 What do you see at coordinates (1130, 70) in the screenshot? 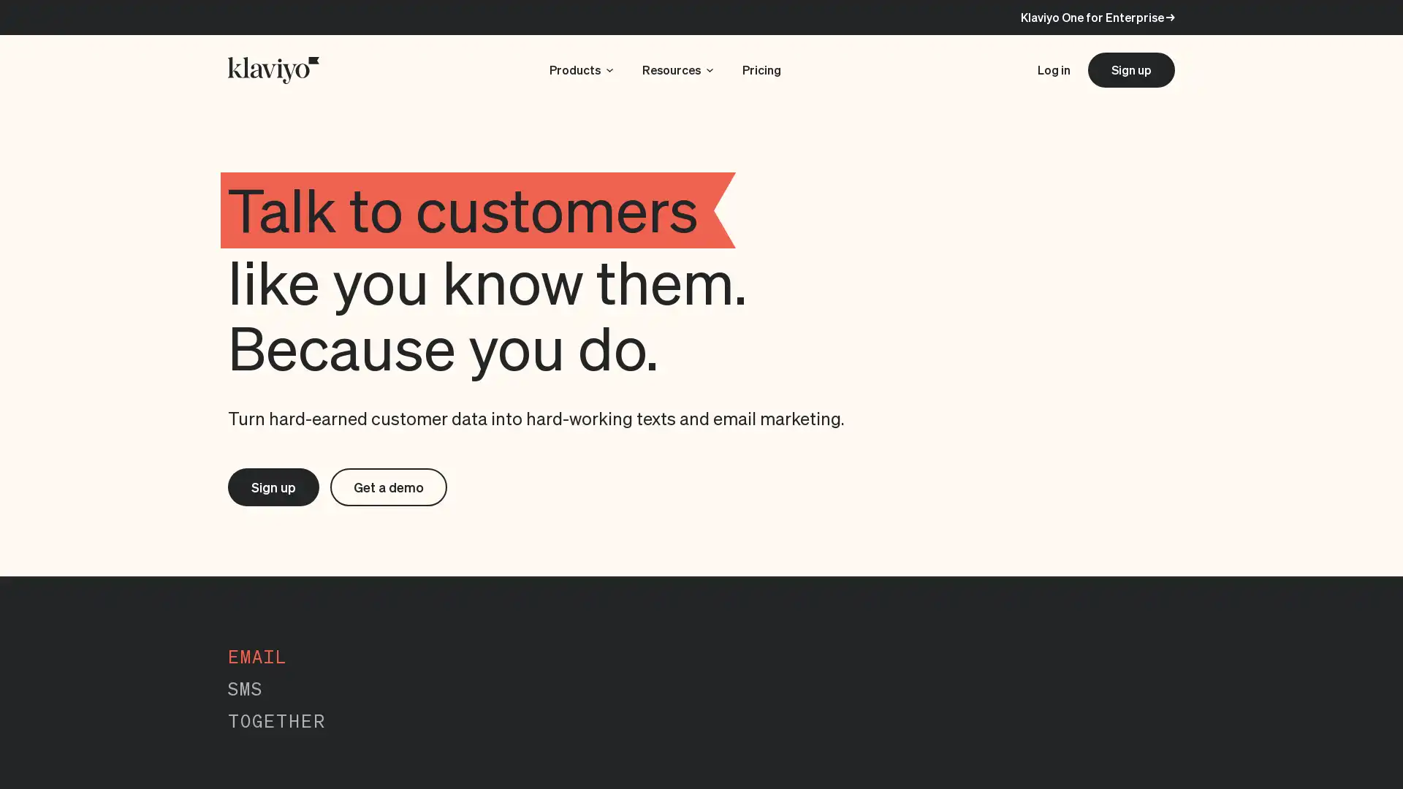
I see `Sign up` at bounding box center [1130, 70].